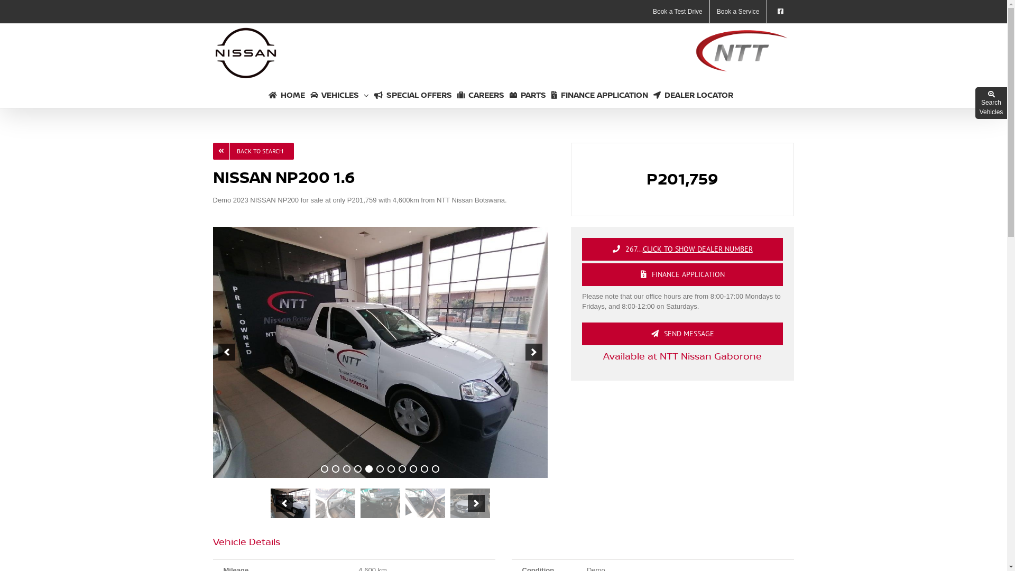  Describe the element at coordinates (991, 104) in the screenshot. I see `'Search Vehicles'` at that location.